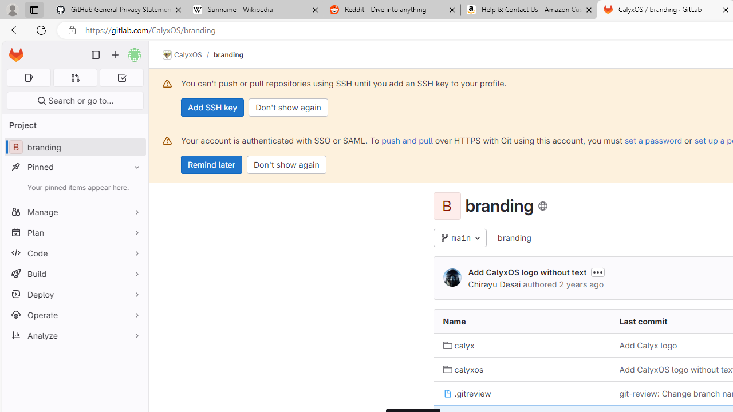 The height and width of the screenshot is (412, 733). Describe the element at coordinates (16, 55) in the screenshot. I see `'Homepage'` at that location.